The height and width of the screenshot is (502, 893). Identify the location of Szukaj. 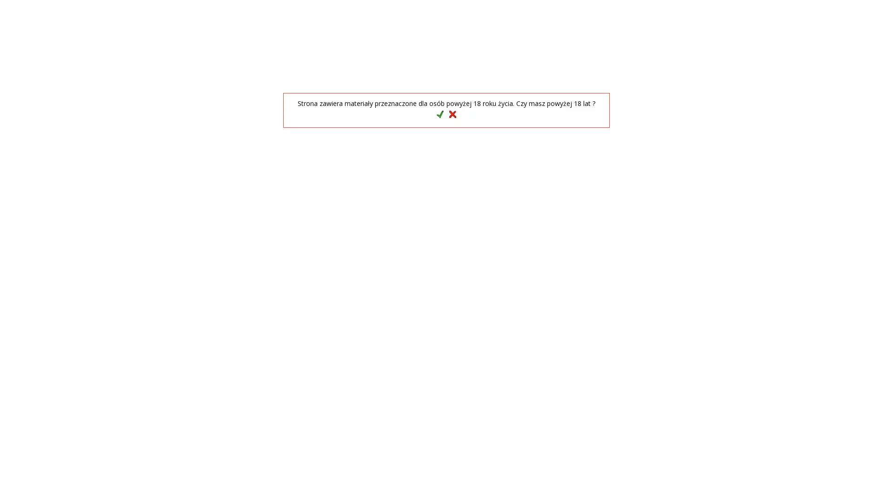
(338, 34).